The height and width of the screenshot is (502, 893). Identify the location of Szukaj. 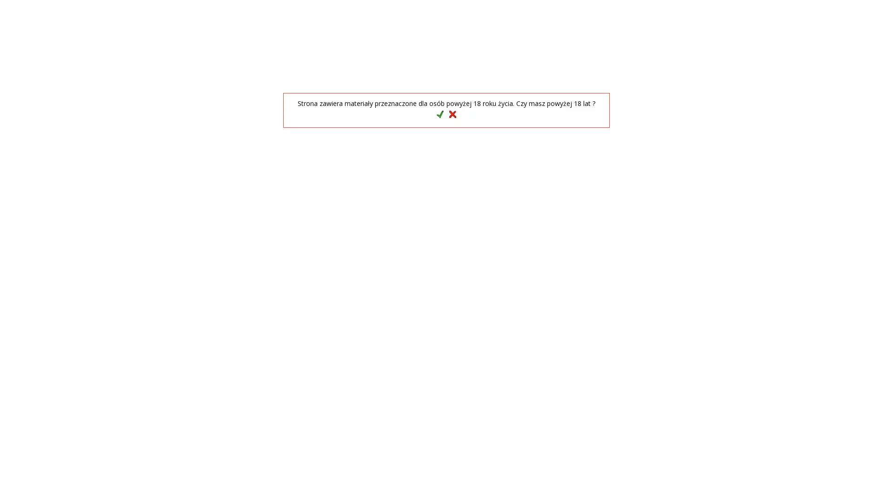
(338, 34).